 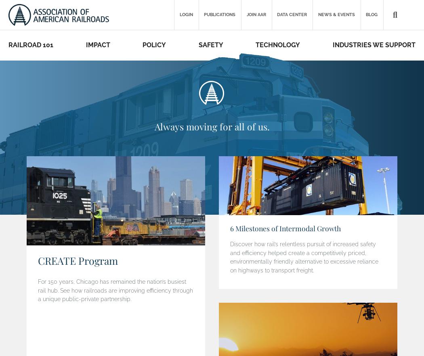 I want to click on 'CREATE Program', so click(x=77, y=260).